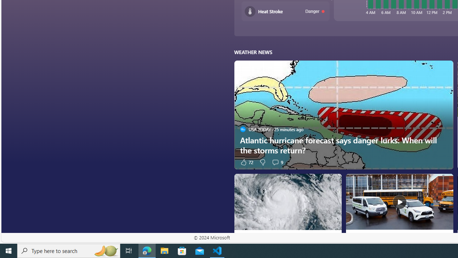  I want to click on 'View comments 9 Comment', so click(275, 162).